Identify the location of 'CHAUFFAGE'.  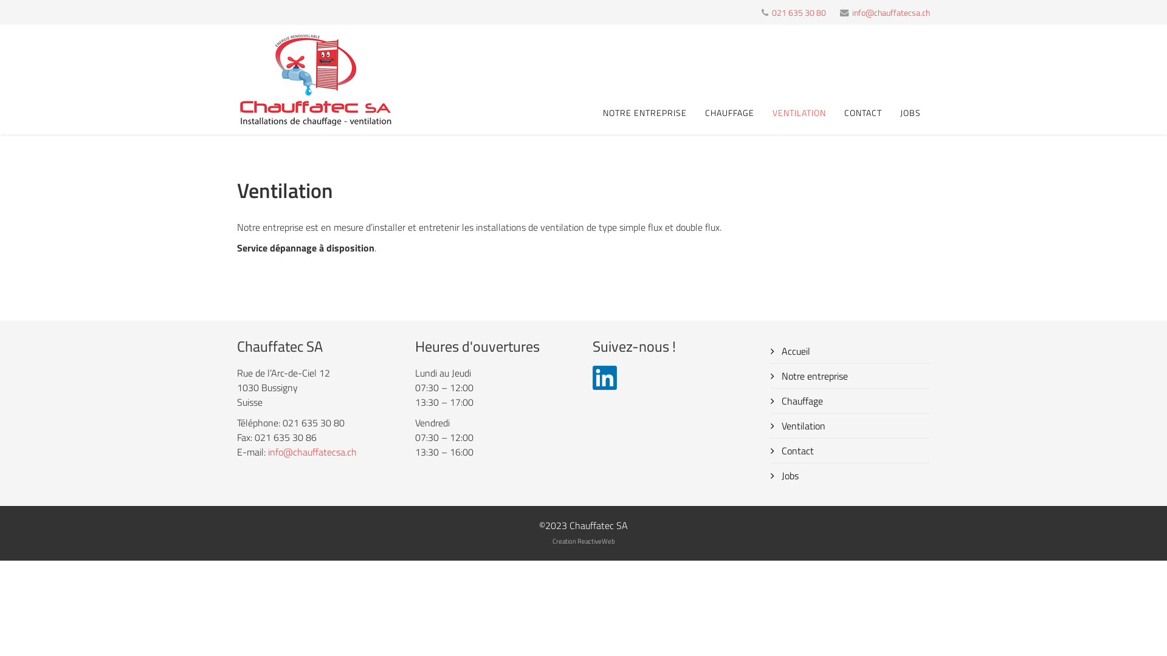
(729, 112).